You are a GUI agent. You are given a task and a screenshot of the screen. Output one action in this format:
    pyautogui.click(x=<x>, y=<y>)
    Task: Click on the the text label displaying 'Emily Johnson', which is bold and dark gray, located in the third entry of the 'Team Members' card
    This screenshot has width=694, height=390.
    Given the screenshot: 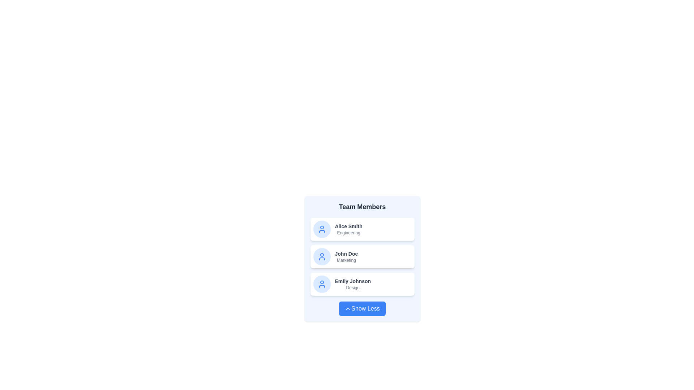 What is the action you would take?
    pyautogui.click(x=353, y=281)
    